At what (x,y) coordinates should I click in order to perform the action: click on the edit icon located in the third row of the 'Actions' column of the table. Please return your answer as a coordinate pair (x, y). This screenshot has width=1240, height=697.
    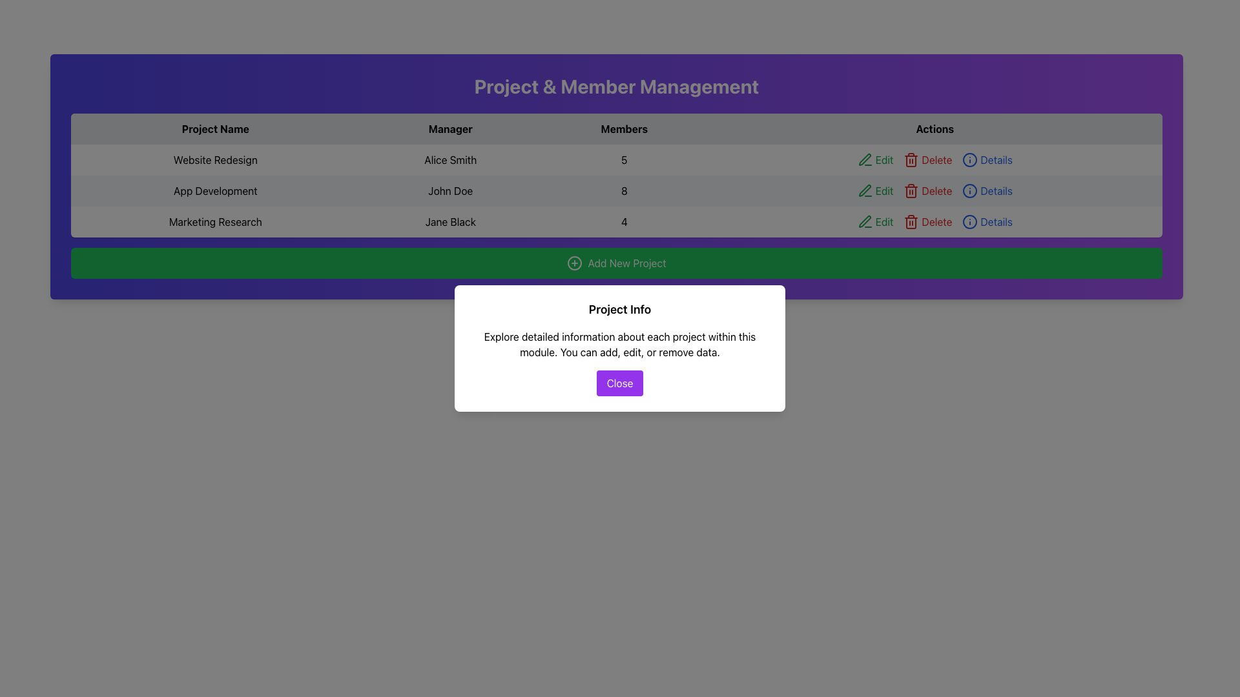
    Looking at the image, I should click on (865, 221).